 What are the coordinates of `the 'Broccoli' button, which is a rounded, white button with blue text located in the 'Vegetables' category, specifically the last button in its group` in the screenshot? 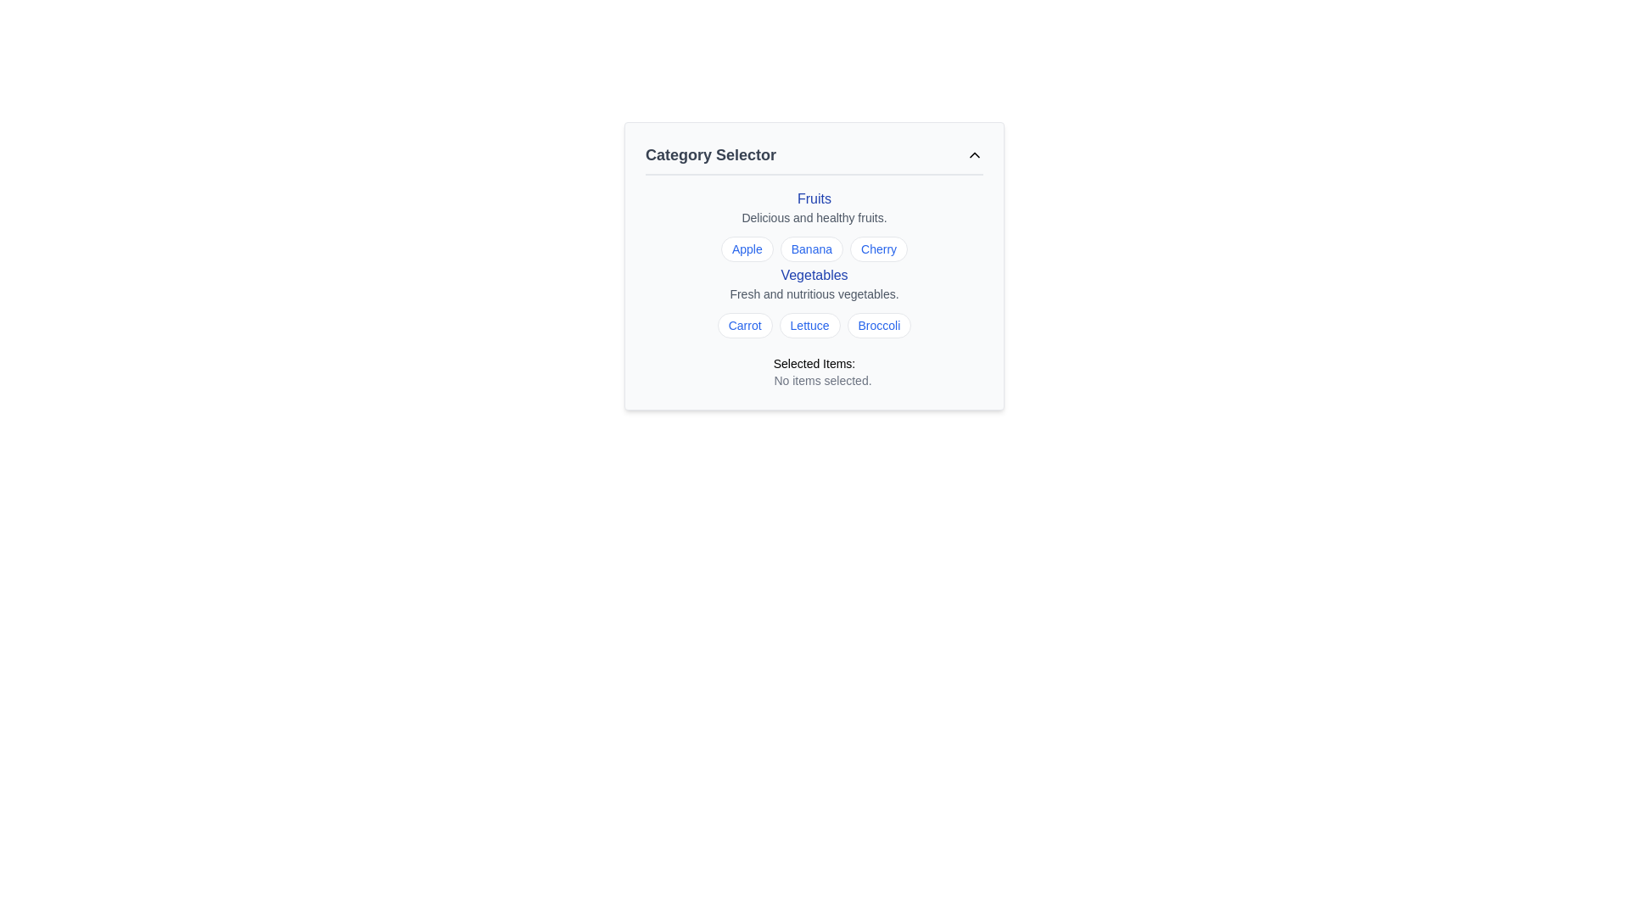 It's located at (879, 326).